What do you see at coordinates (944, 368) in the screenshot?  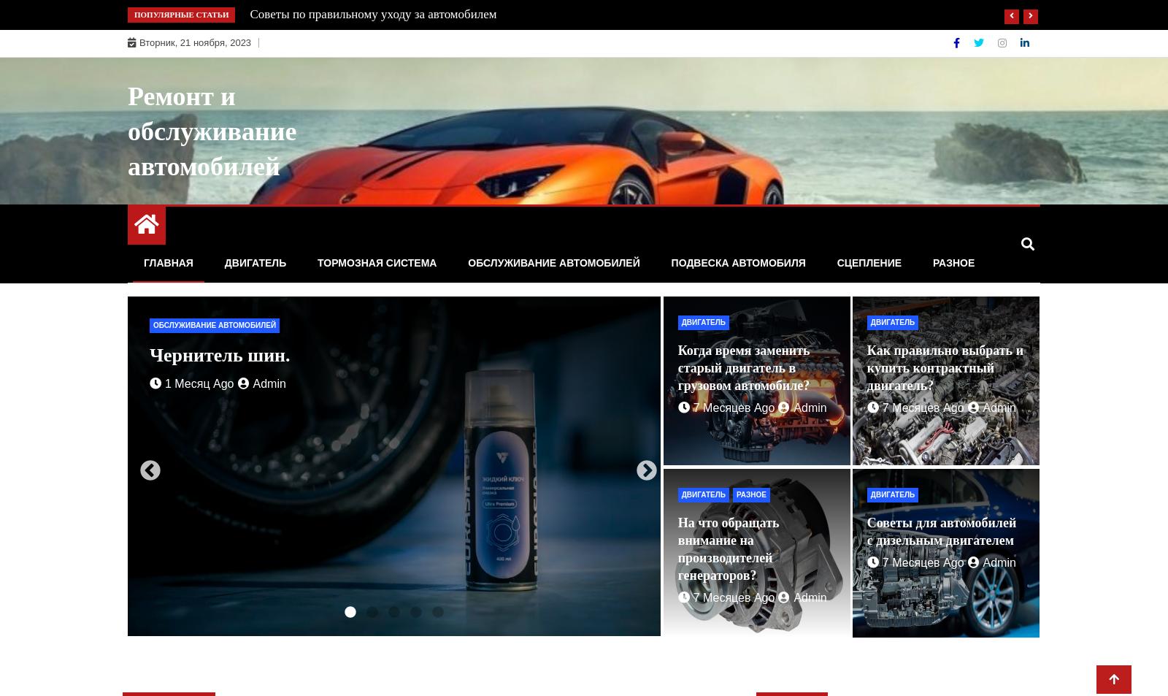 I see `'Как правильно выбрать и купить контрактный двигатель?'` at bounding box center [944, 368].